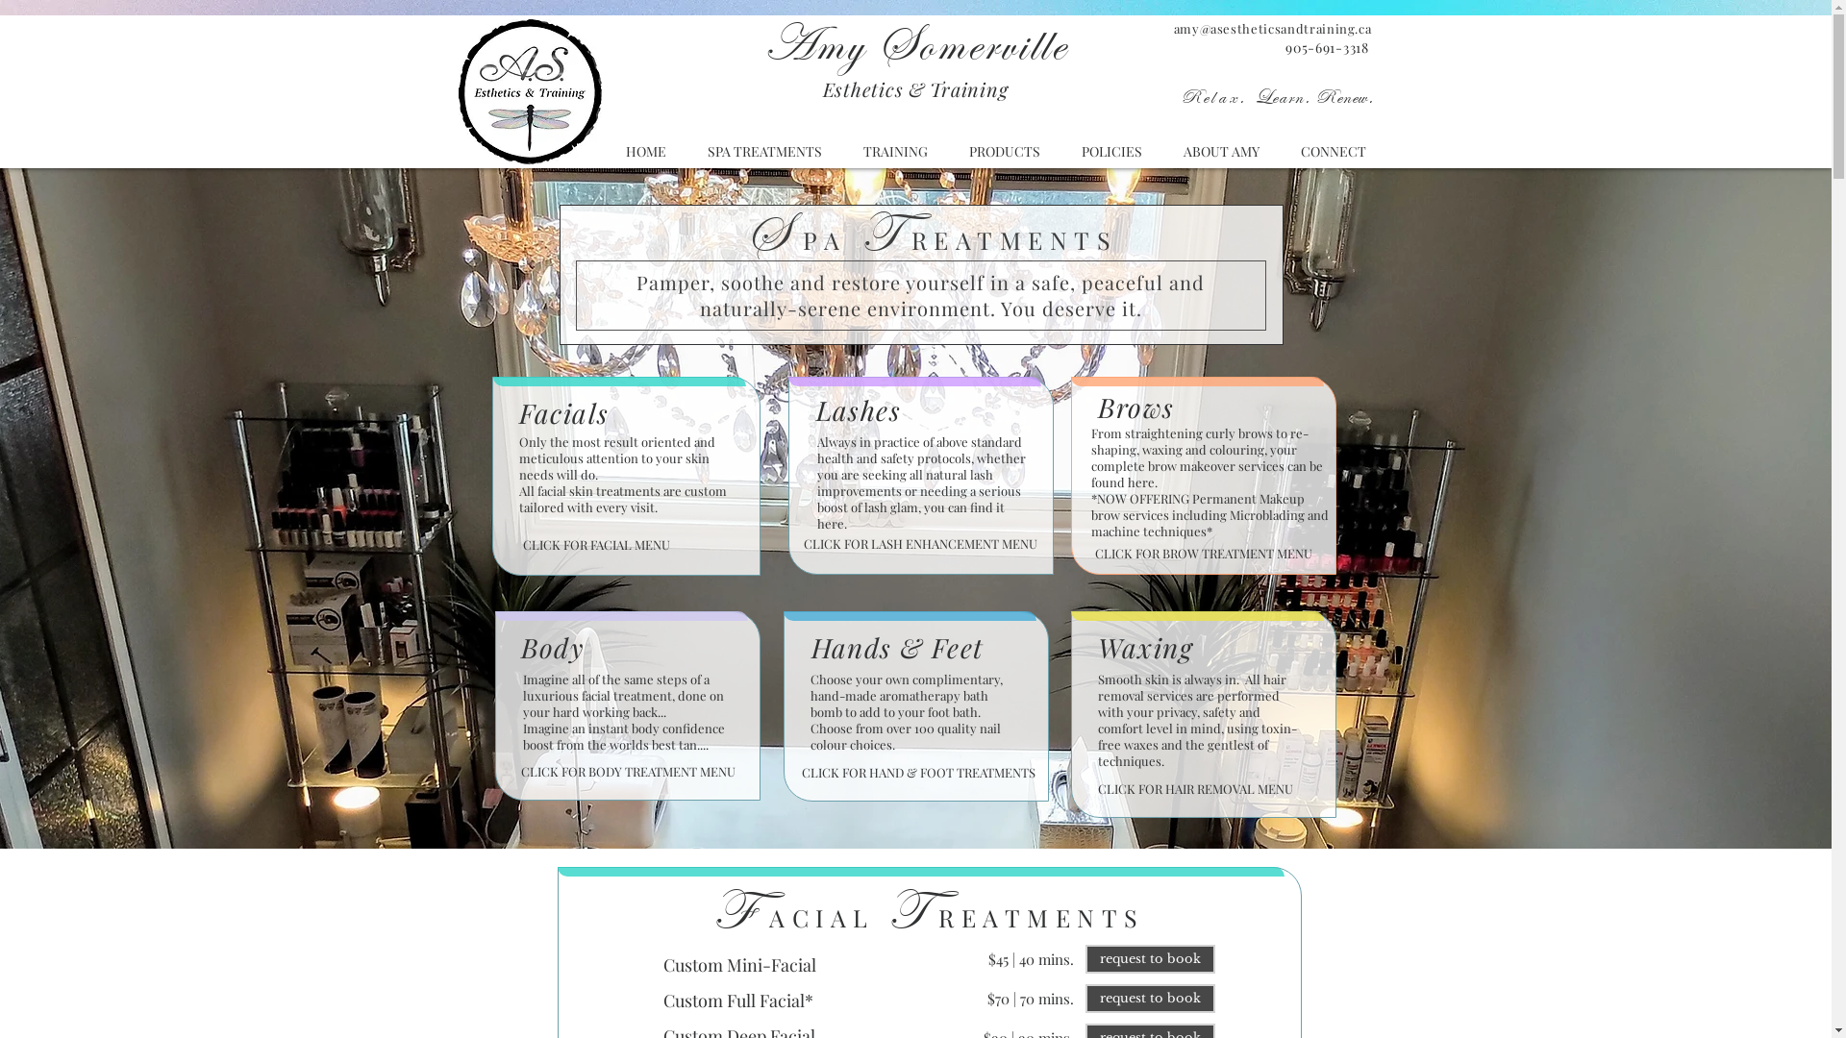  What do you see at coordinates (1003, 150) in the screenshot?
I see `'PRODUCTS'` at bounding box center [1003, 150].